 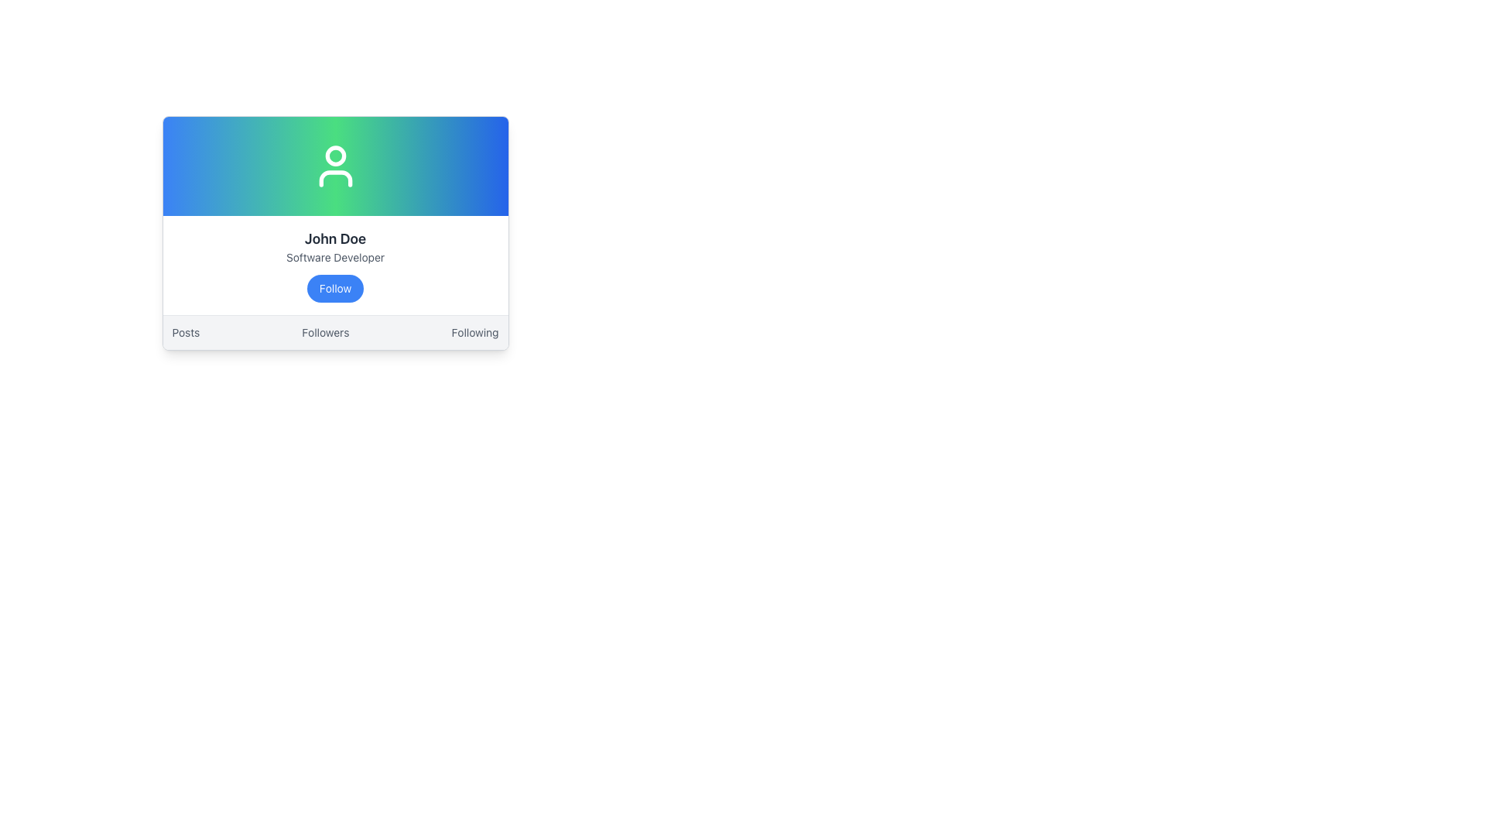 I want to click on the 'Following' hyperlink located on the far right of the horizontal navigation bar at the bottom of the card, so click(x=474, y=331).